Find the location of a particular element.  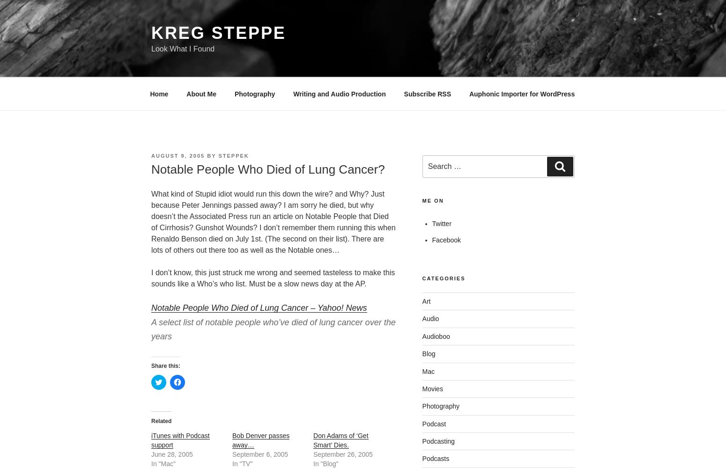

'I don’t know, this just struck me wrong and seemed tasteless to make this sounds like a Who’s who list. Must be a slow news day at the AP.' is located at coordinates (151, 278).